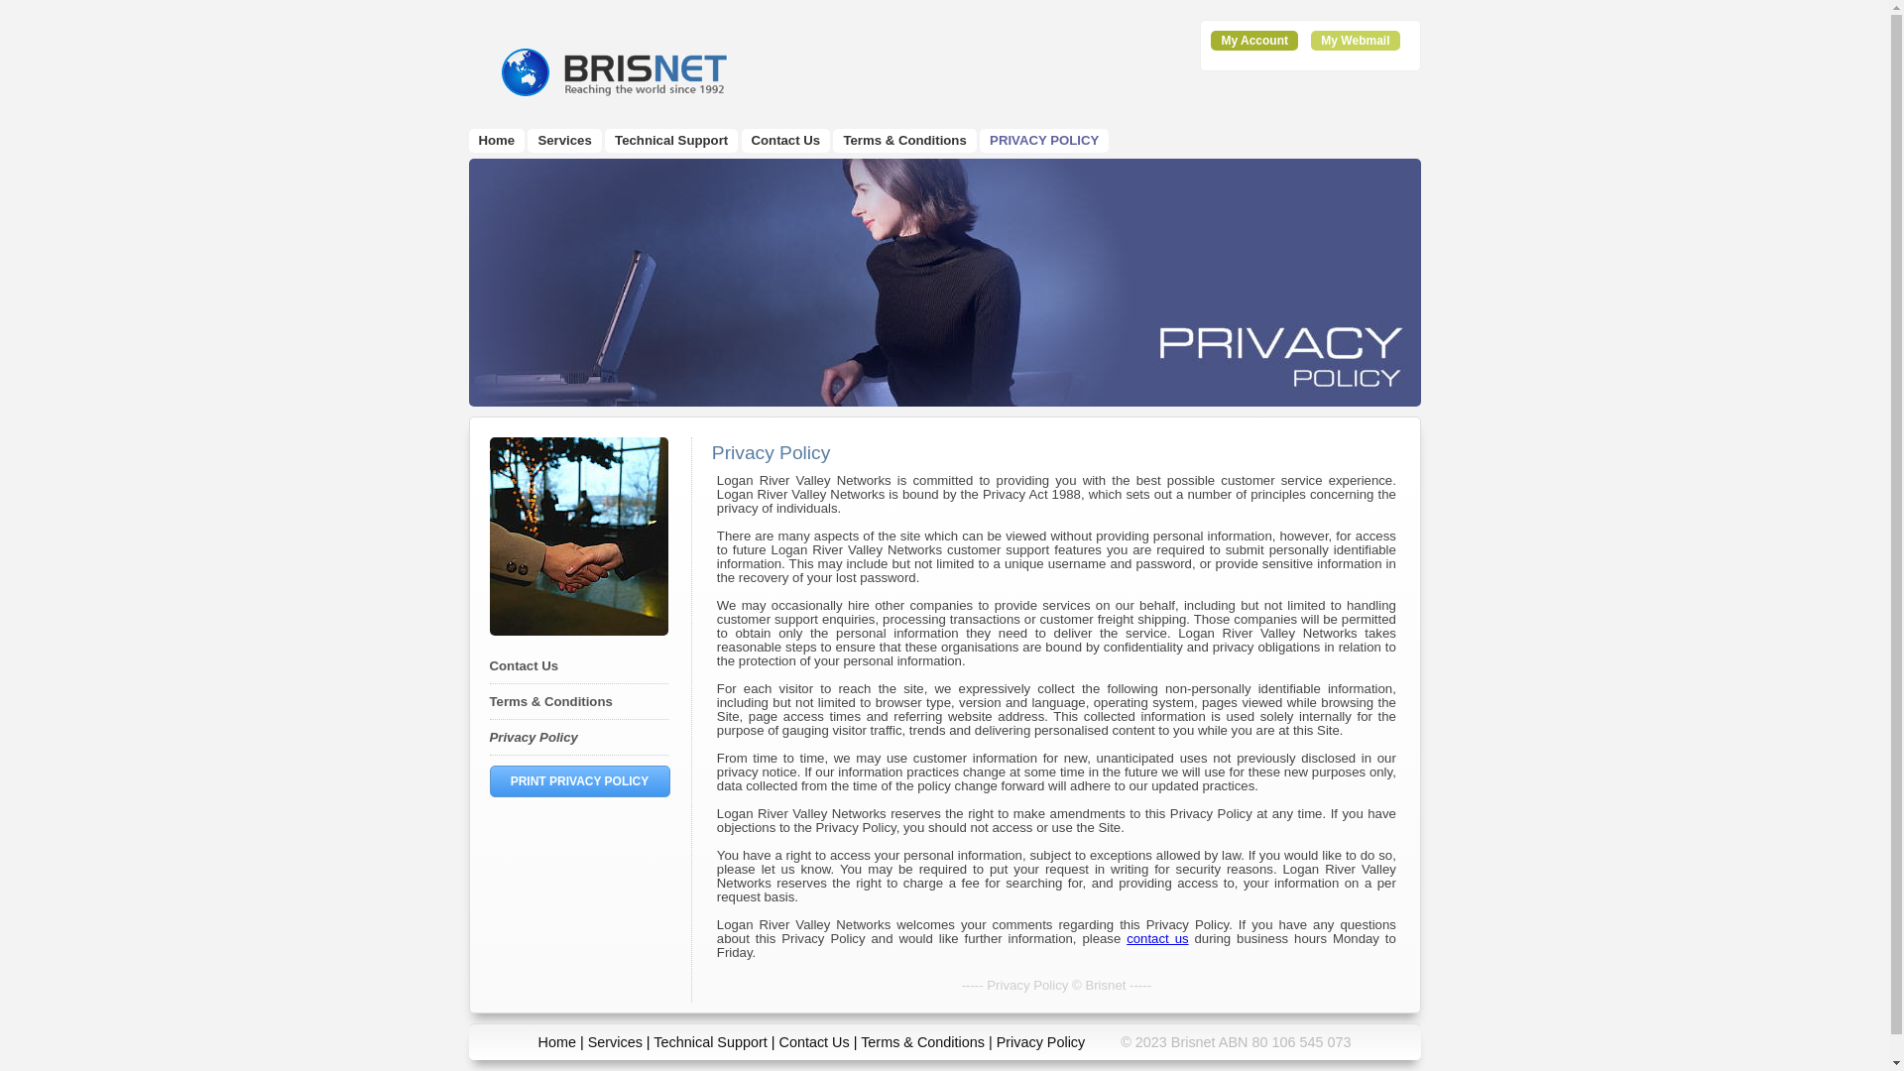 The height and width of the screenshot is (1071, 1904). What do you see at coordinates (537, 139) in the screenshot?
I see `'Services'` at bounding box center [537, 139].